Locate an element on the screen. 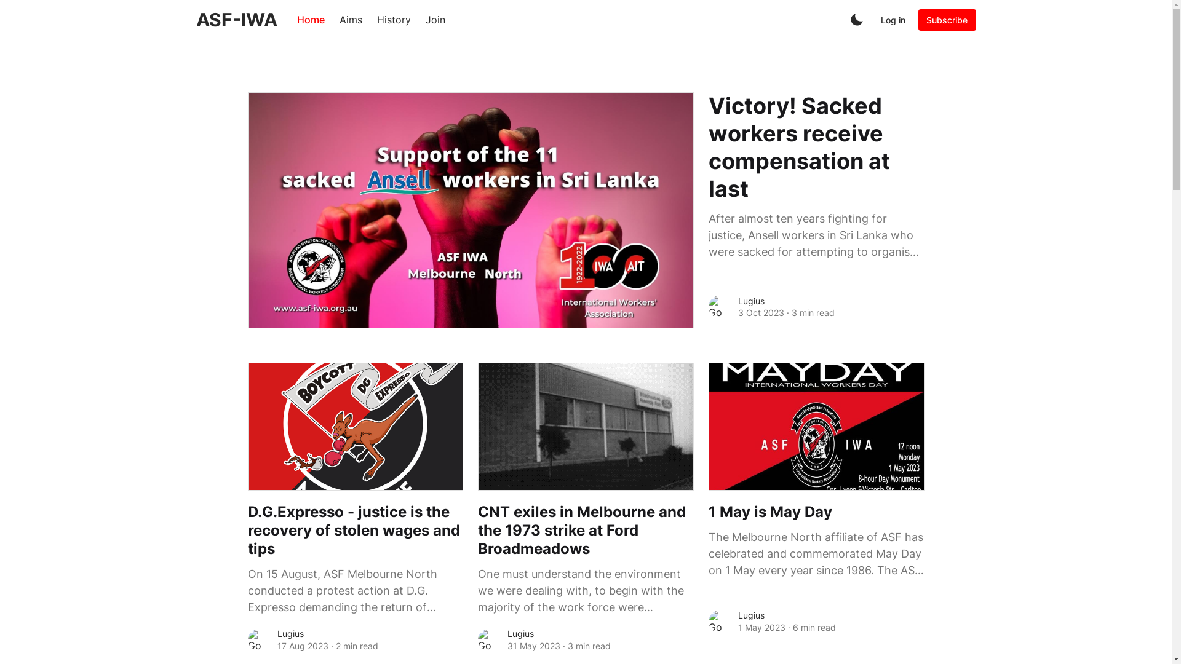  'Join' is located at coordinates (435, 19).